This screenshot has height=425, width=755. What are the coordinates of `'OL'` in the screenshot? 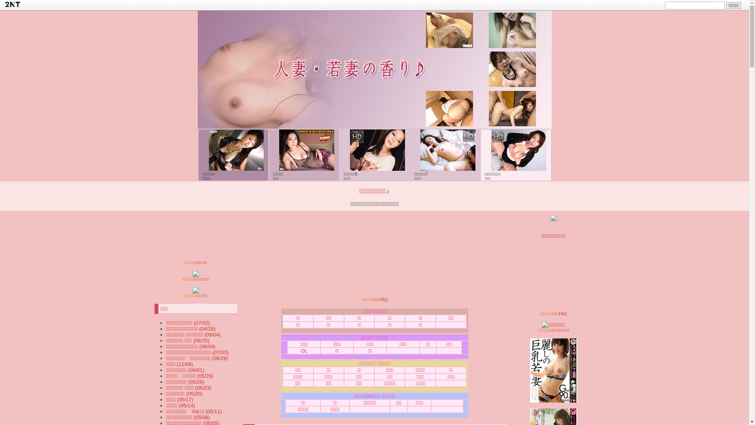 It's located at (300, 350).